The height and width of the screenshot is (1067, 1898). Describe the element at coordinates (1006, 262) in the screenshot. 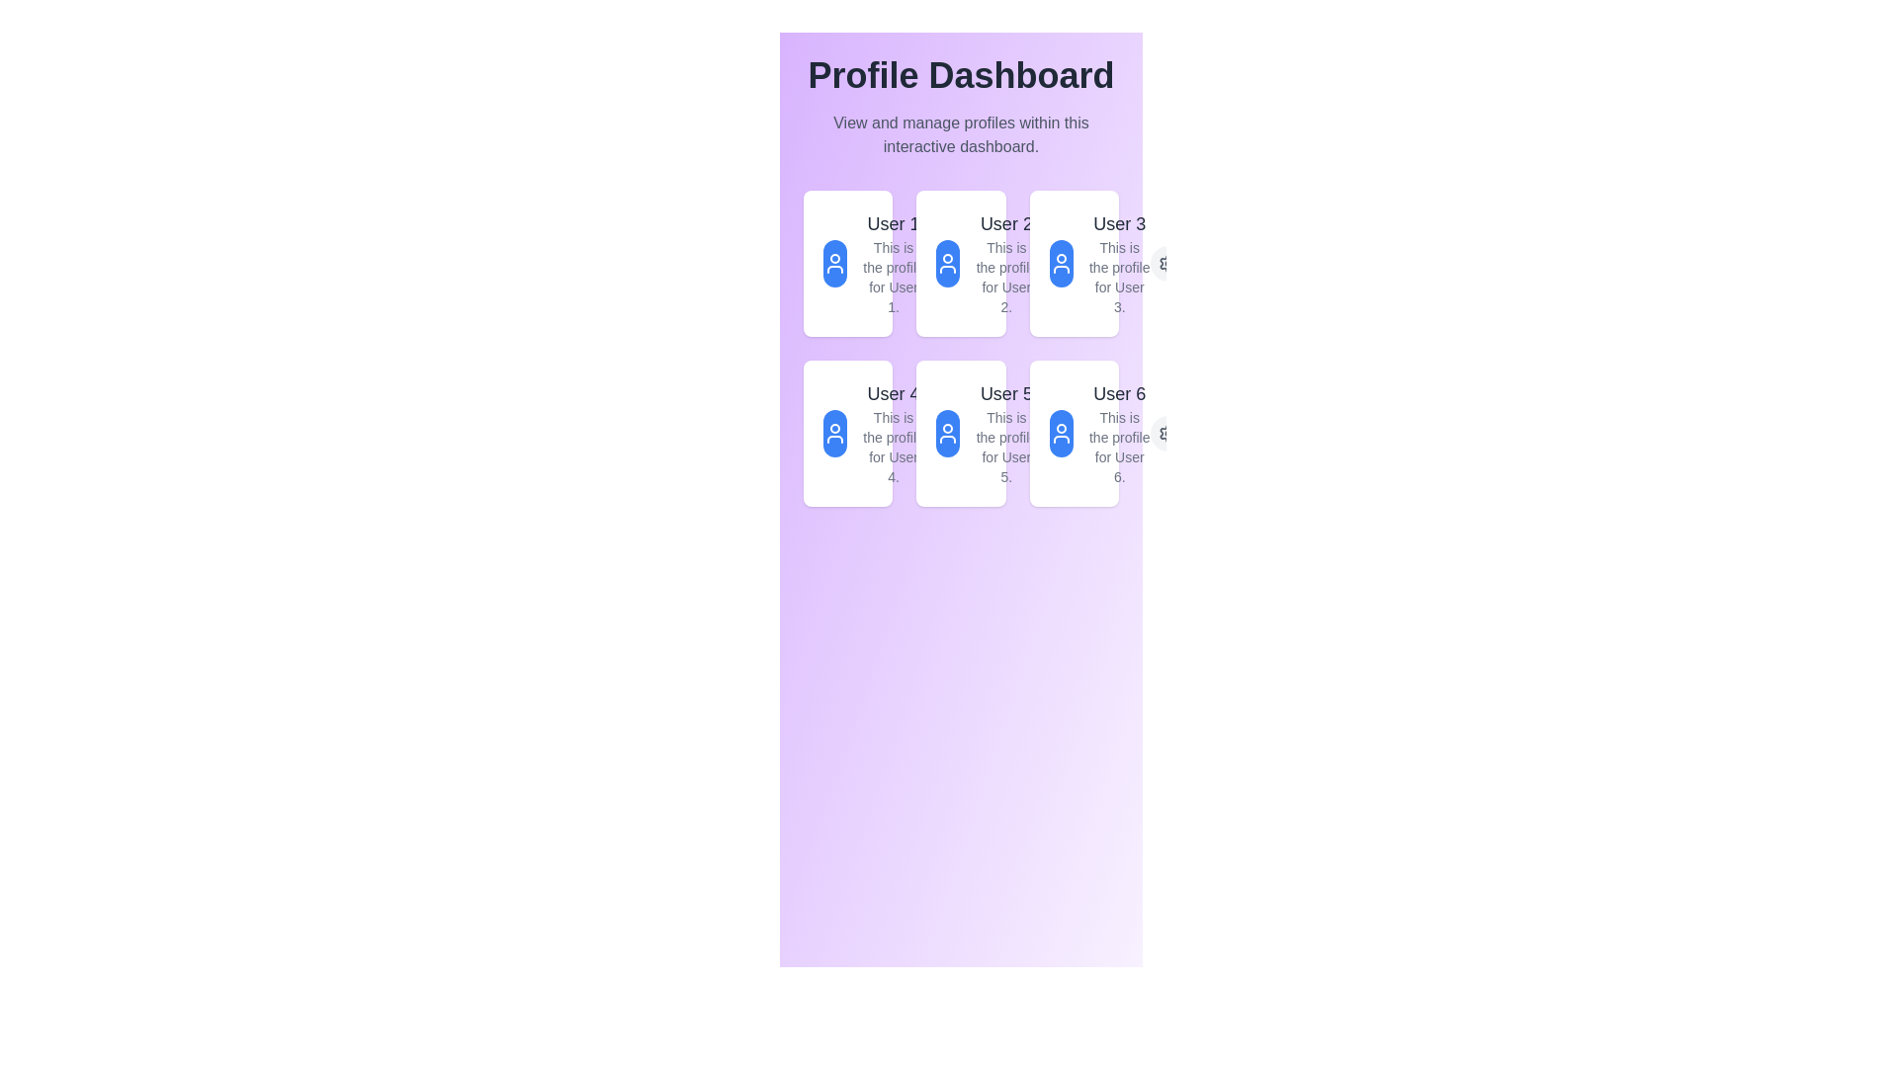

I see `textual information block describing the profile of 'User 2', located in the second column, first row of the grid layout within the card occupying the second slot in the top row of user profiles` at that location.